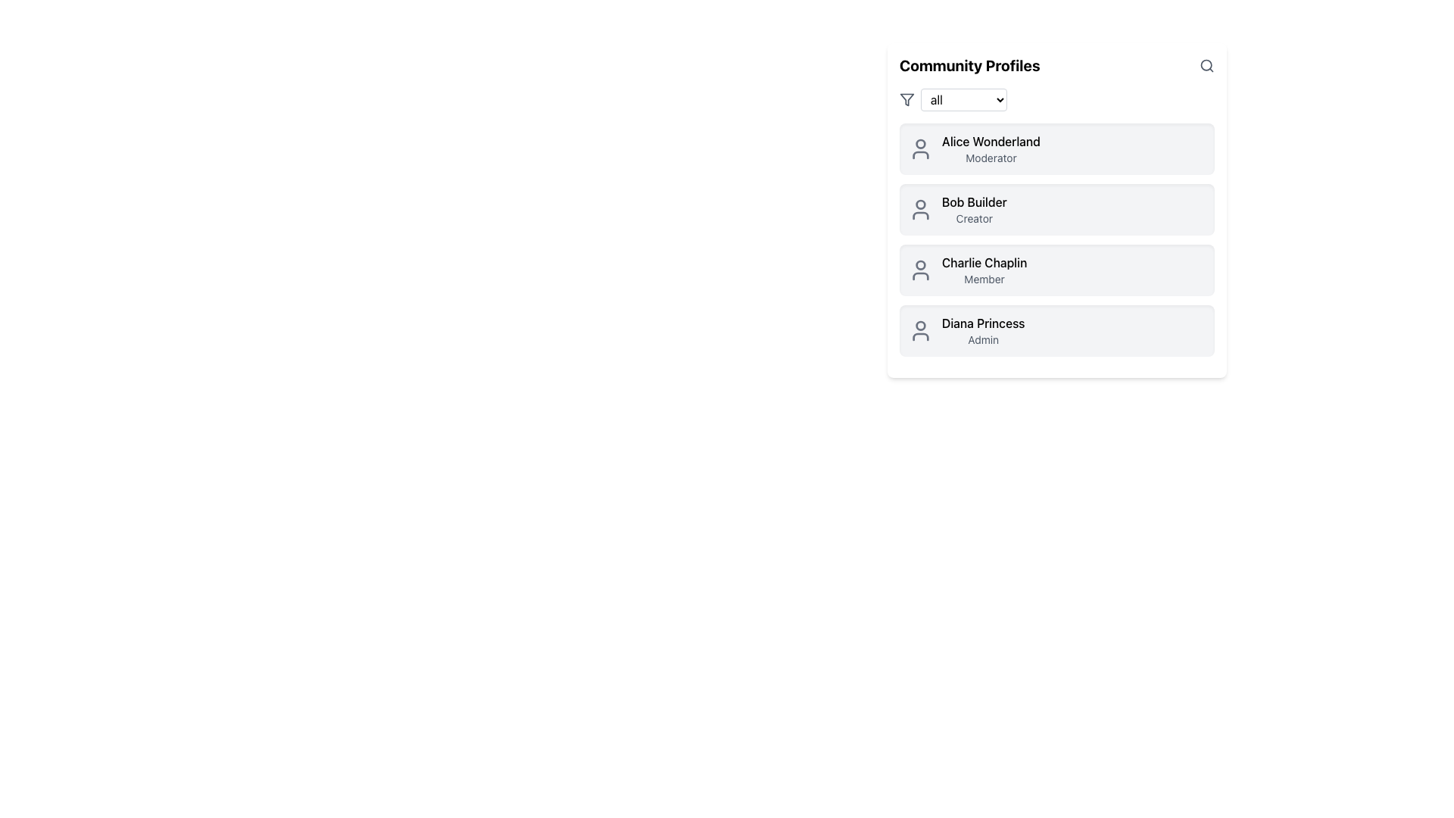 Image resolution: width=1454 pixels, height=818 pixels. What do you see at coordinates (907, 99) in the screenshot?
I see `the filter icon located in the top-left corner of the 'Community Profiles' section` at bounding box center [907, 99].